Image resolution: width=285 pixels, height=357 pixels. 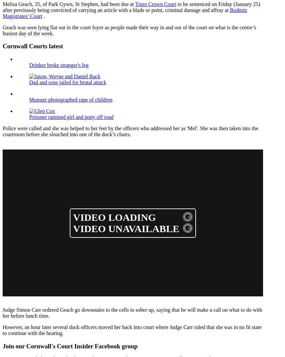 What do you see at coordinates (71, 99) in the screenshot?
I see `'Monster photographed rape of children'` at bounding box center [71, 99].